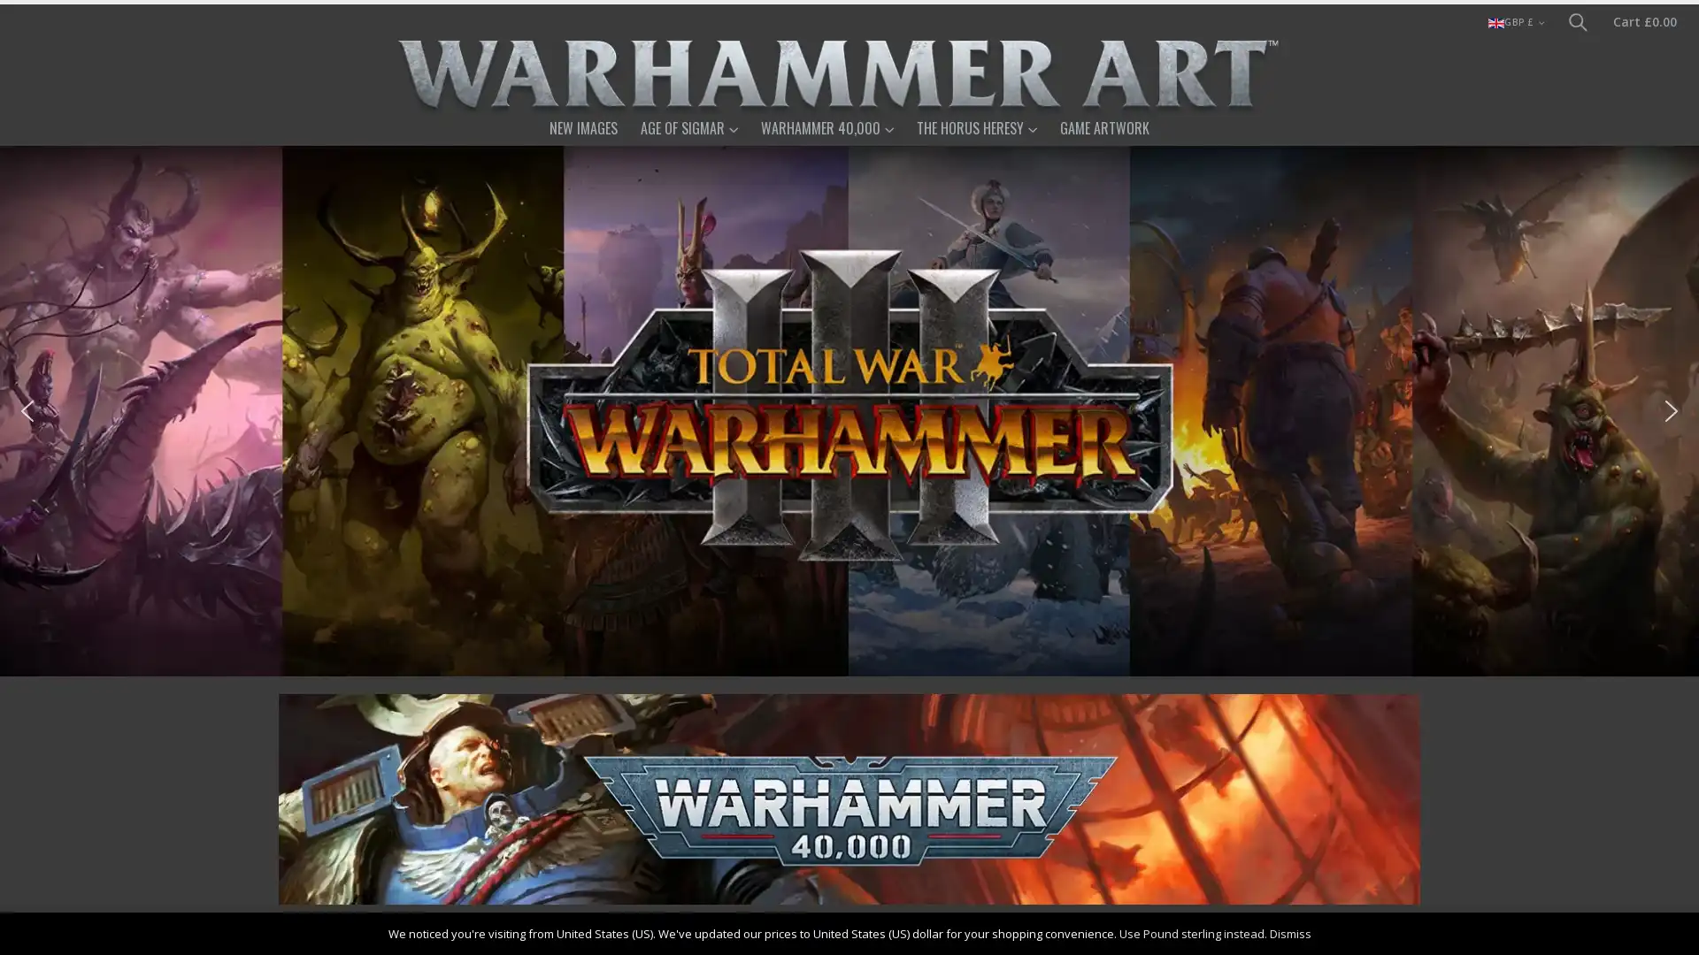  What do you see at coordinates (1671, 409) in the screenshot?
I see `next arrow` at bounding box center [1671, 409].